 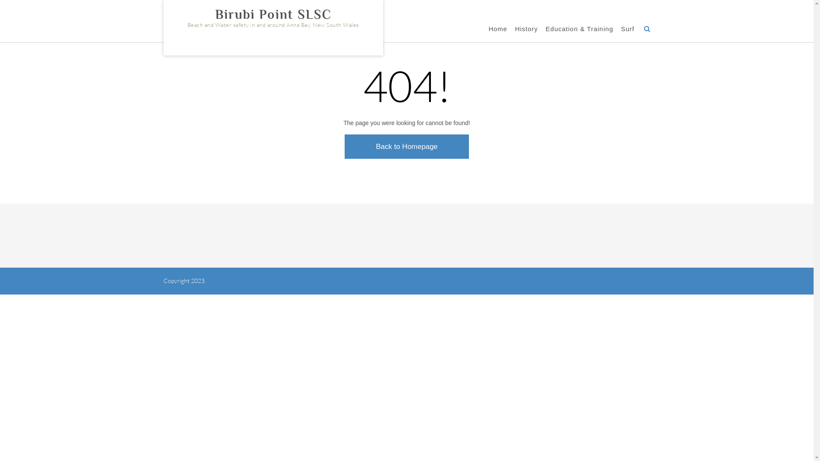 What do you see at coordinates (526, 29) in the screenshot?
I see `'History'` at bounding box center [526, 29].